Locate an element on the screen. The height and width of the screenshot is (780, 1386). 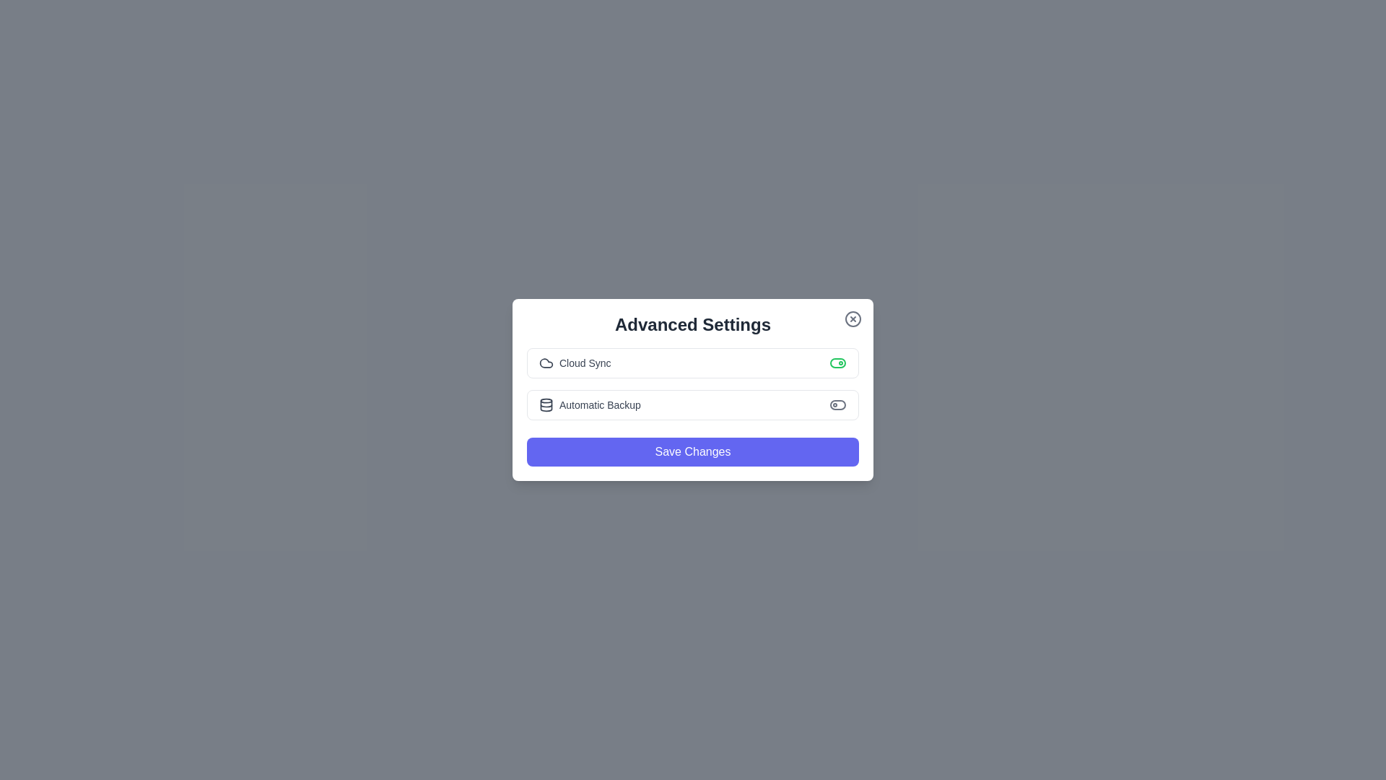
the toggleable setting item for enabling or disabling cloud synchronization, which is the first item is located at coordinates (693, 362).